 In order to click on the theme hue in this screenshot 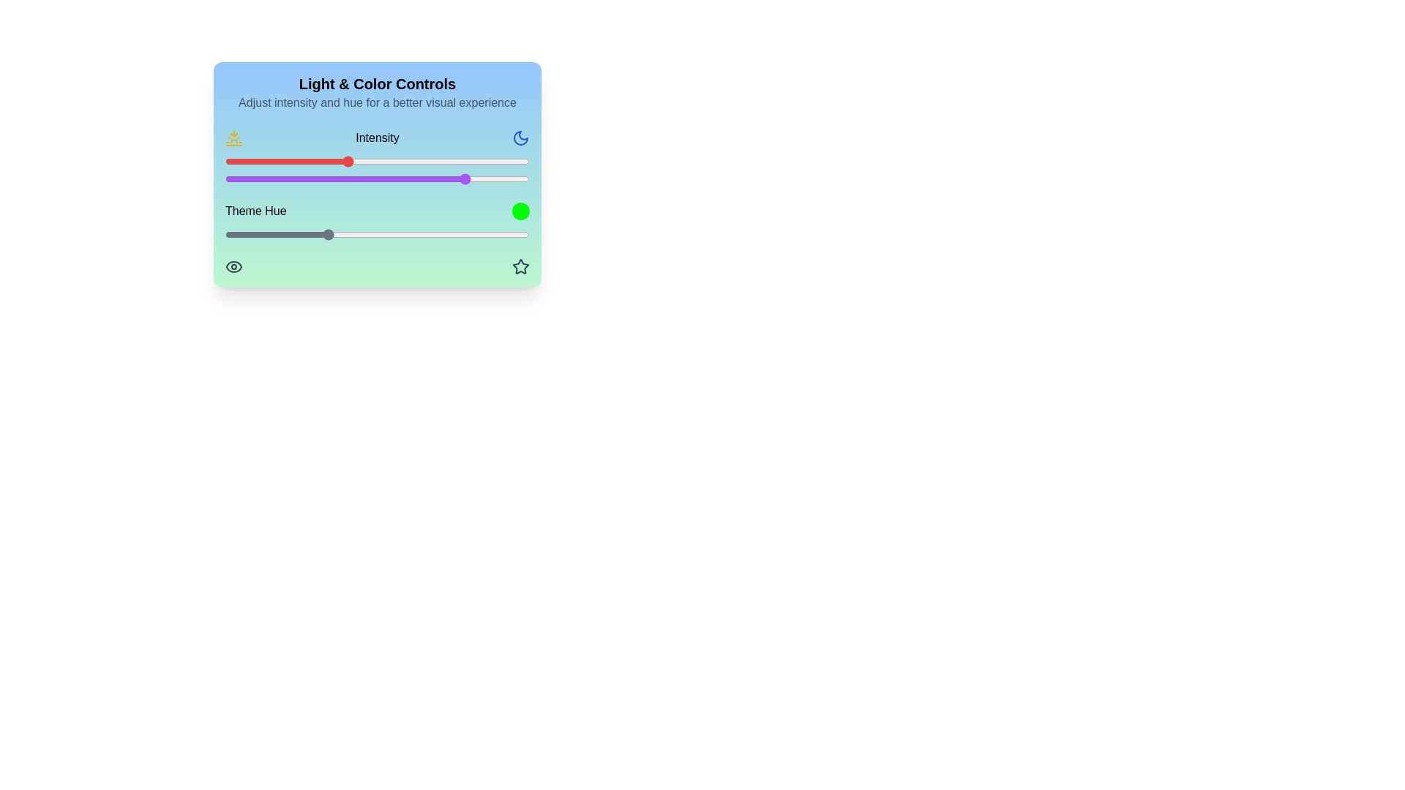, I will do `click(515, 233)`.